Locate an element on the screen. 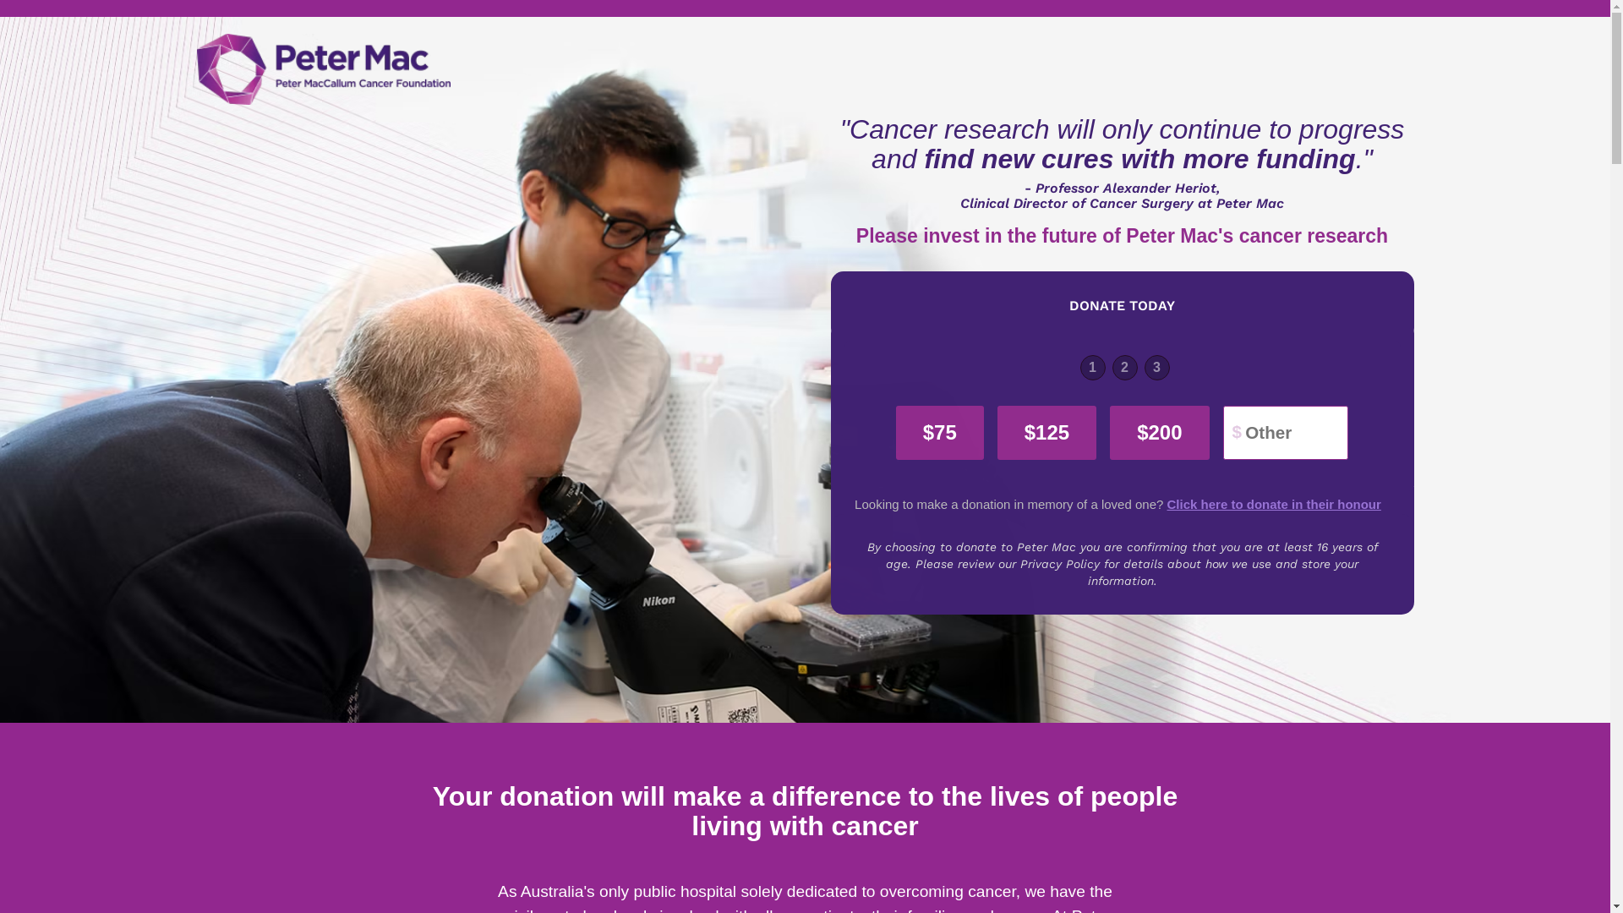 Image resolution: width=1623 pixels, height=913 pixels. 'Click here to donate in their honour' is located at coordinates (1274, 503).